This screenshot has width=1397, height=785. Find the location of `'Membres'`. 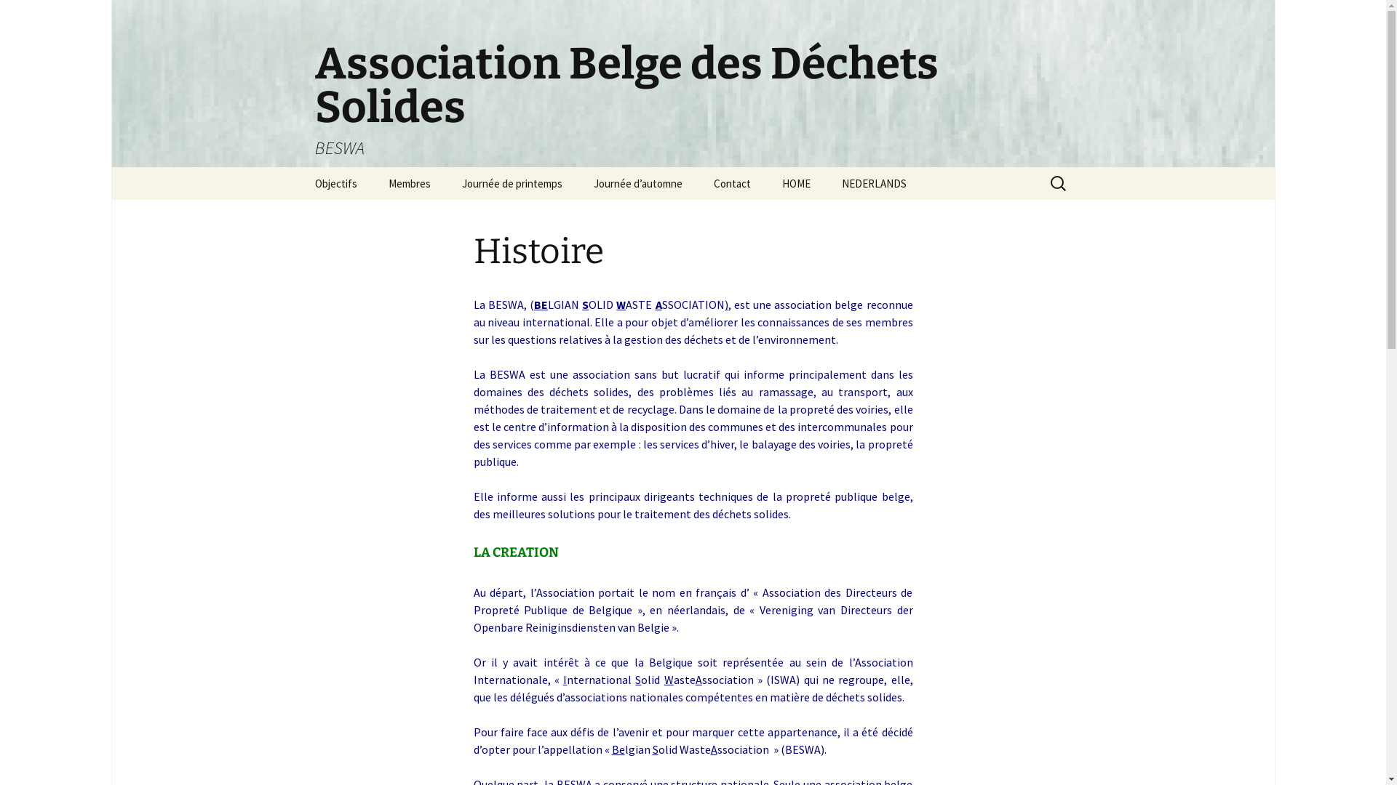

'Membres' is located at coordinates (408, 182).